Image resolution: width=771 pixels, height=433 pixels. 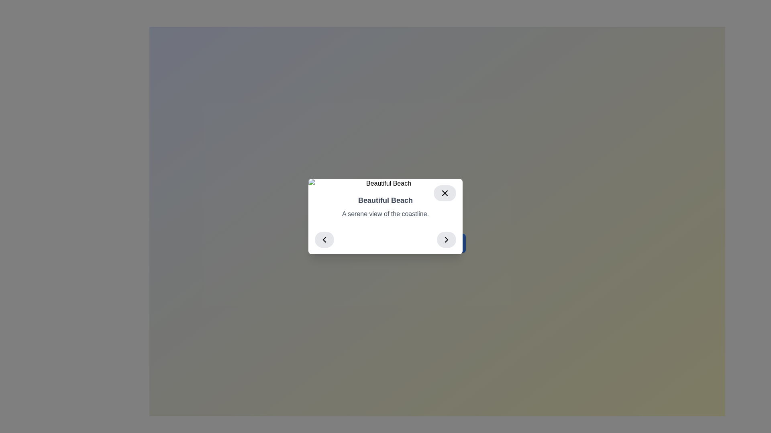 I want to click on the close button vector graphic located at the top-right corner of the pop-up dialog, near the title text 'Beautiful Beach', so click(x=445, y=193).